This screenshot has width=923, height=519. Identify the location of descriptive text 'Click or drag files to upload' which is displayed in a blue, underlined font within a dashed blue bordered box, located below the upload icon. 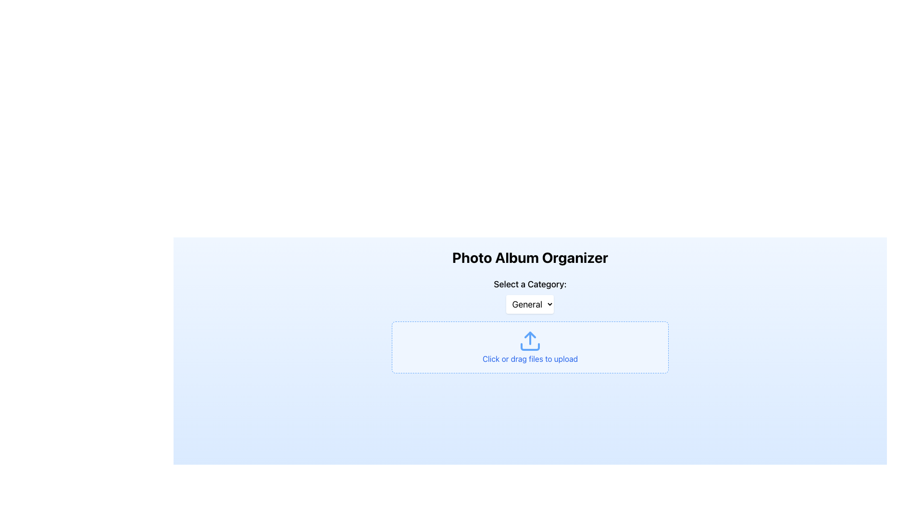
(530, 359).